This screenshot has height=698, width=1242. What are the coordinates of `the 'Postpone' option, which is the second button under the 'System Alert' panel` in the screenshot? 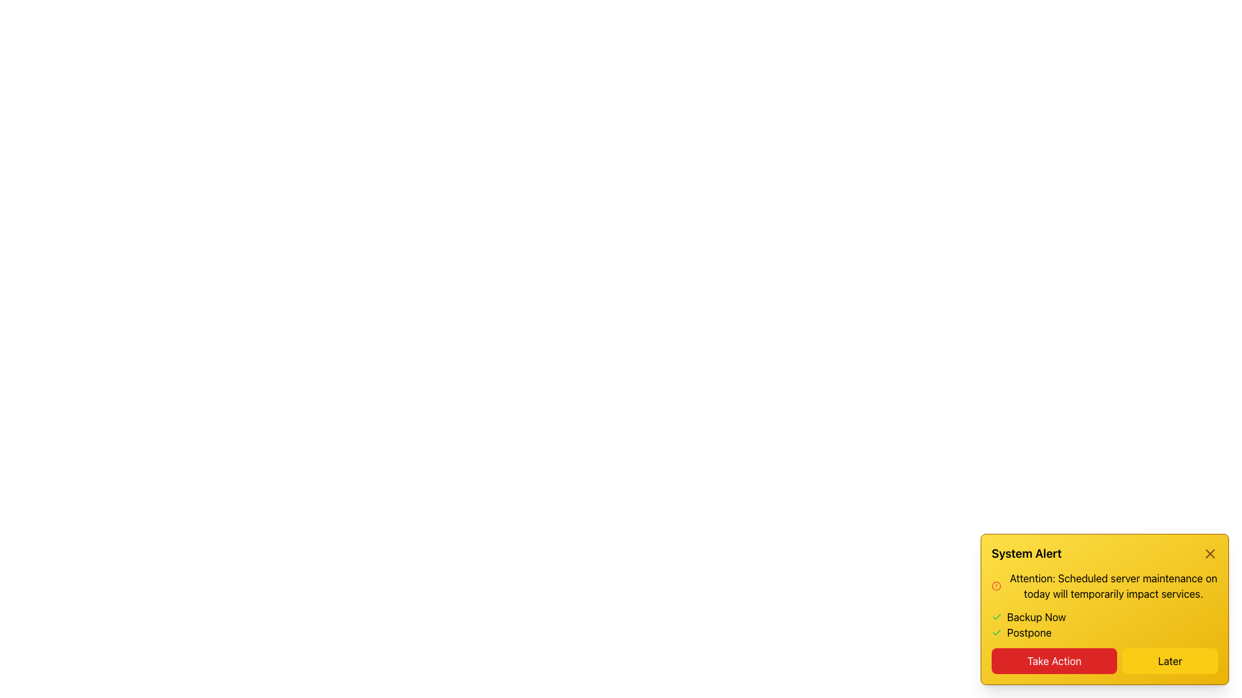 It's located at (1104, 632).